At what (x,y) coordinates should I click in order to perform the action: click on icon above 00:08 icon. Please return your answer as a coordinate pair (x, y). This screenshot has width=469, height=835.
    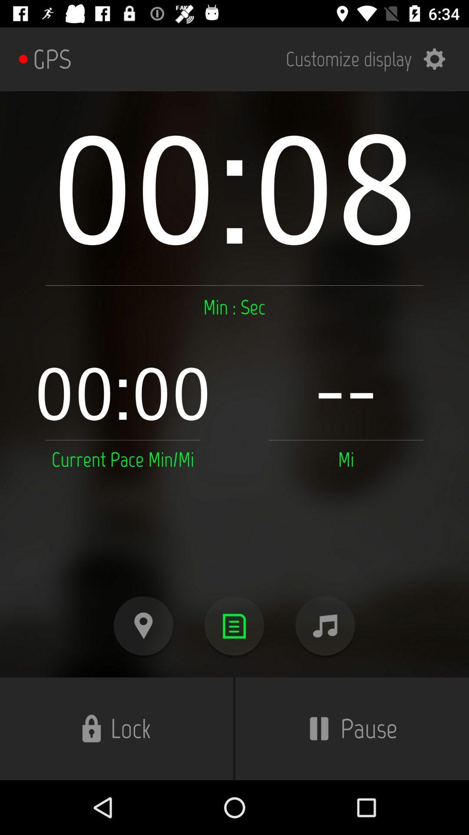
    Looking at the image, I should click on (371, 59).